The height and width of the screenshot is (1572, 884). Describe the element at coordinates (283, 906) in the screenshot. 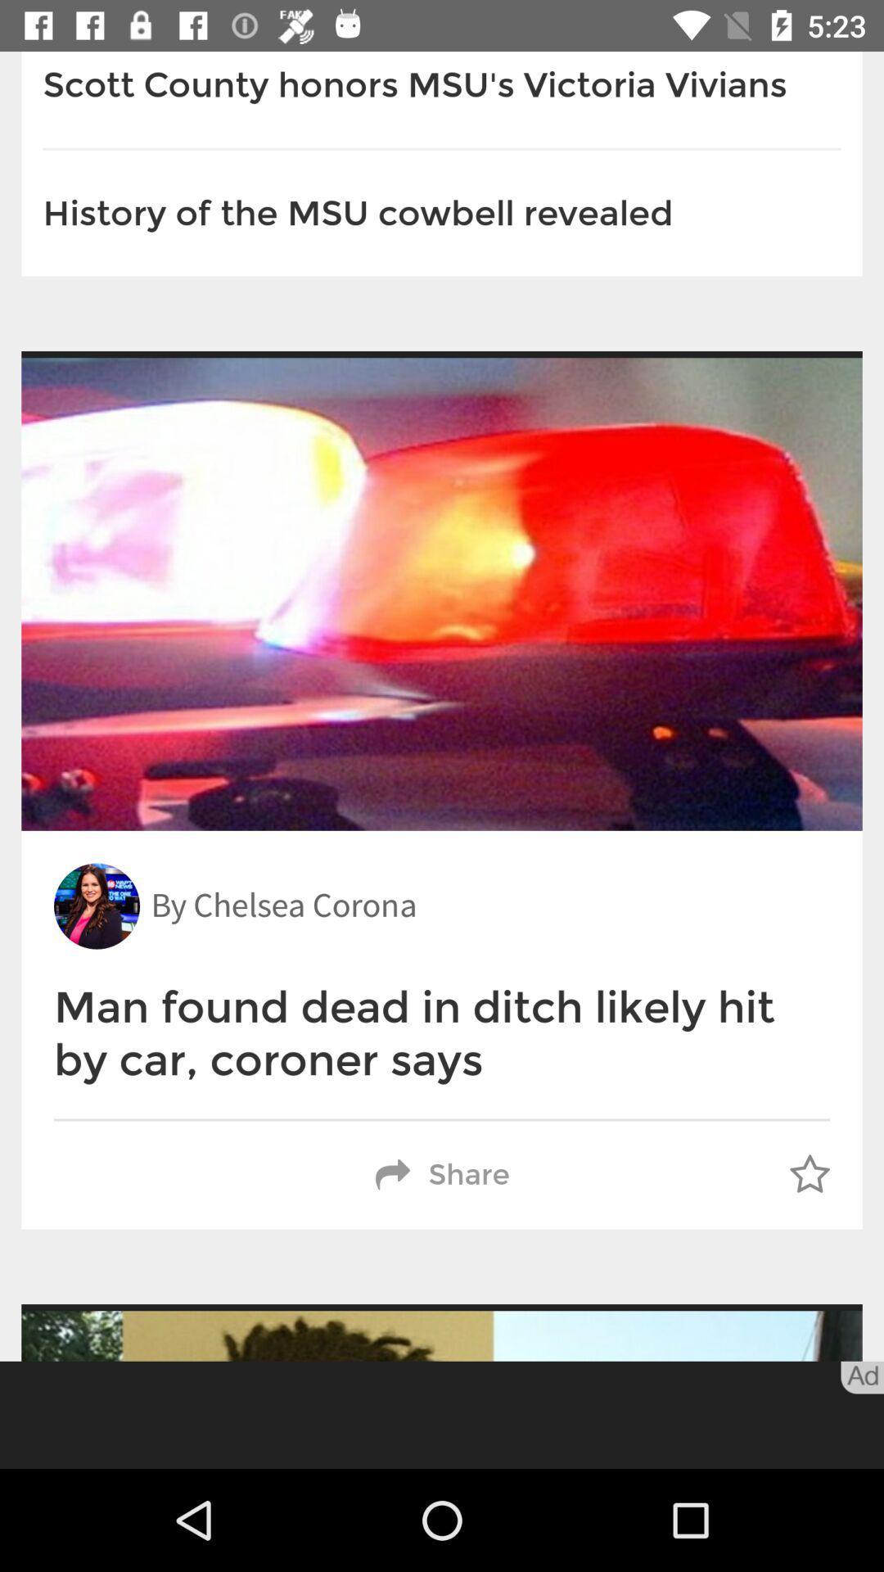

I see `item above the man found dead` at that location.